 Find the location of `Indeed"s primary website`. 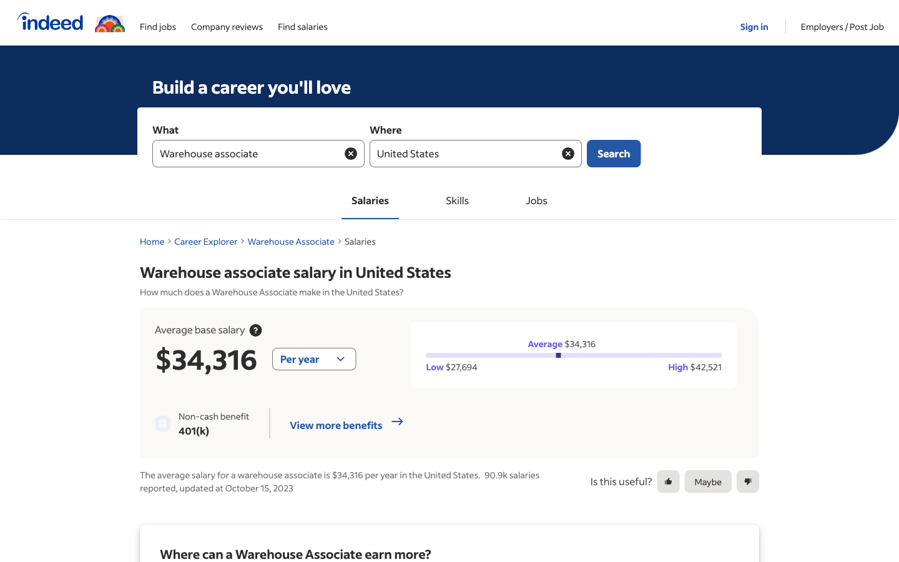

Indeed"s primary website is located at coordinates (47, 22).